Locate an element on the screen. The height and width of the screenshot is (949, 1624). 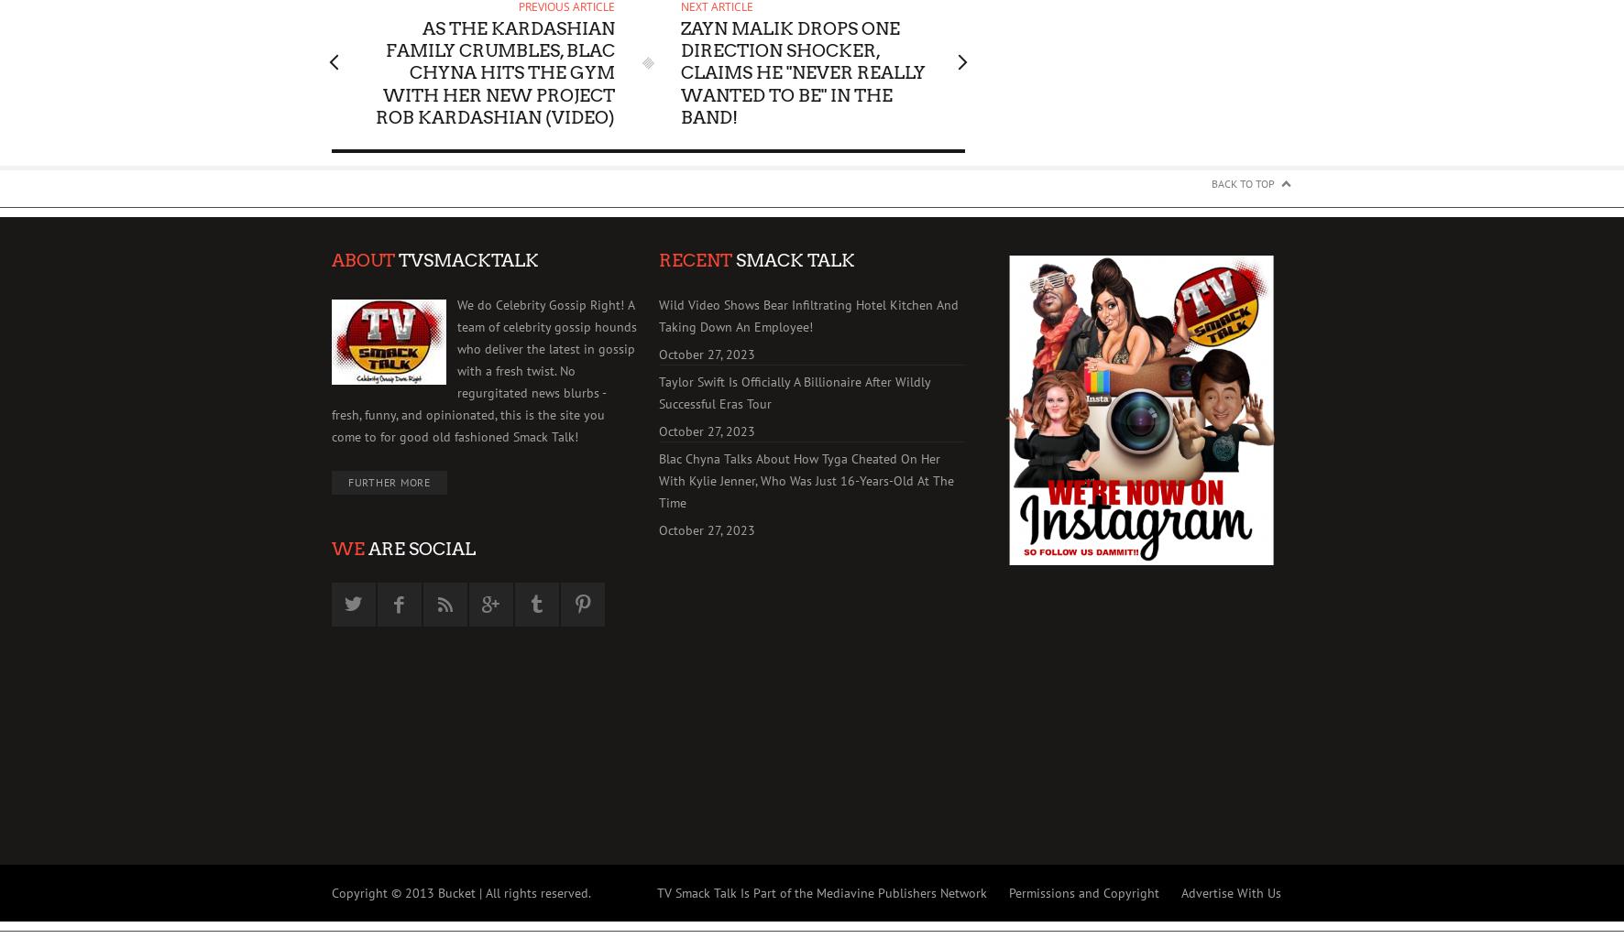
'As The Kardashian Family Crumbles, Blac Chyna Hits The Gym With Her New Project Rob Kardashian (VIDEO)' is located at coordinates (494, 72).